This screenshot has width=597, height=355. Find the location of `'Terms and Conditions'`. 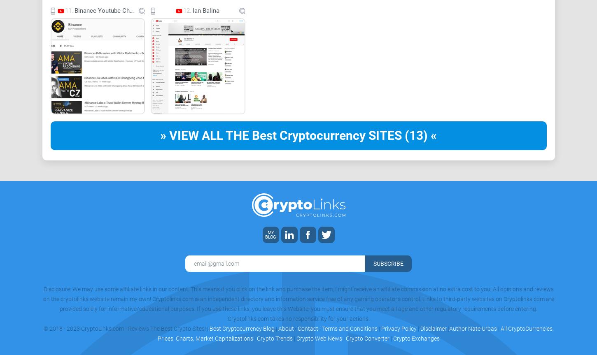

'Terms and Conditions' is located at coordinates (349, 328).